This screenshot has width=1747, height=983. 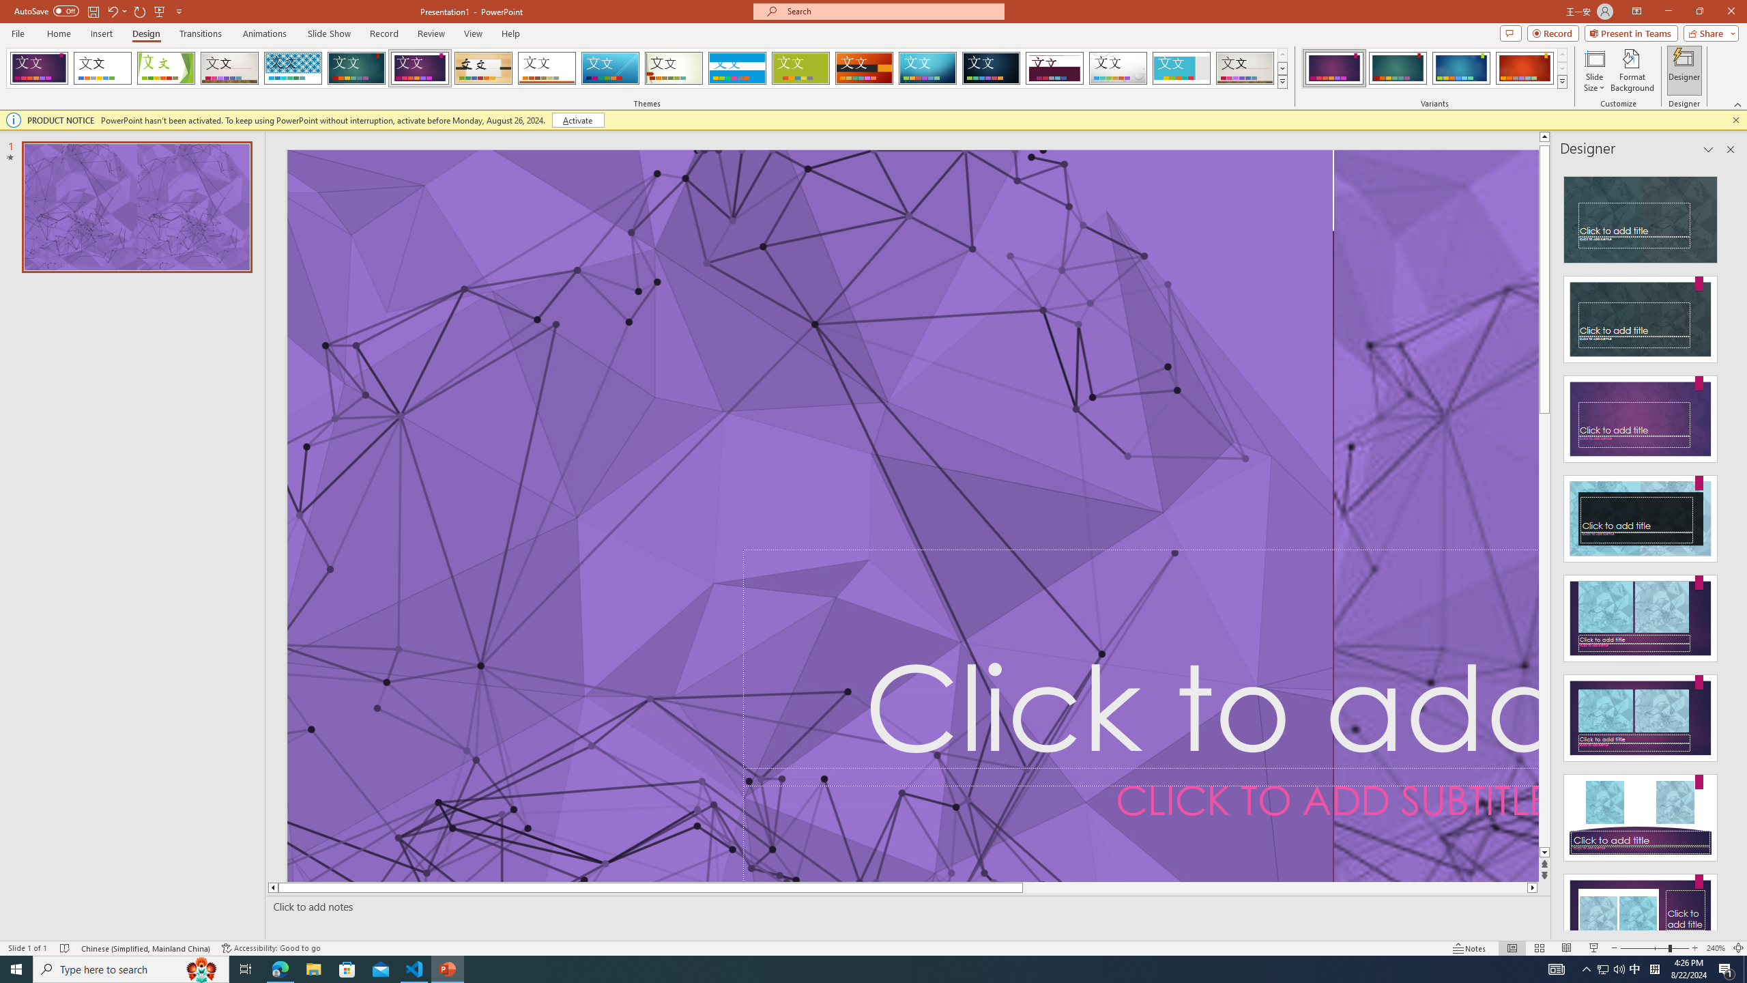 What do you see at coordinates (272, 948) in the screenshot?
I see `'Accessibility Checker Accessibility: Good to go'` at bounding box center [272, 948].